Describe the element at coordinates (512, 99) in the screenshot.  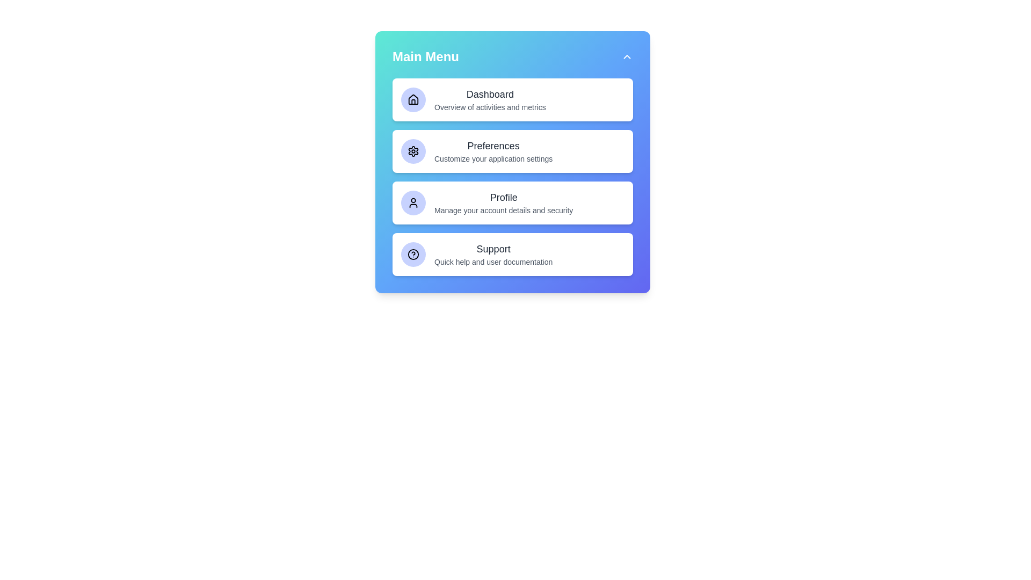
I see `the menu option Dashboard to reveal its details` at that location.